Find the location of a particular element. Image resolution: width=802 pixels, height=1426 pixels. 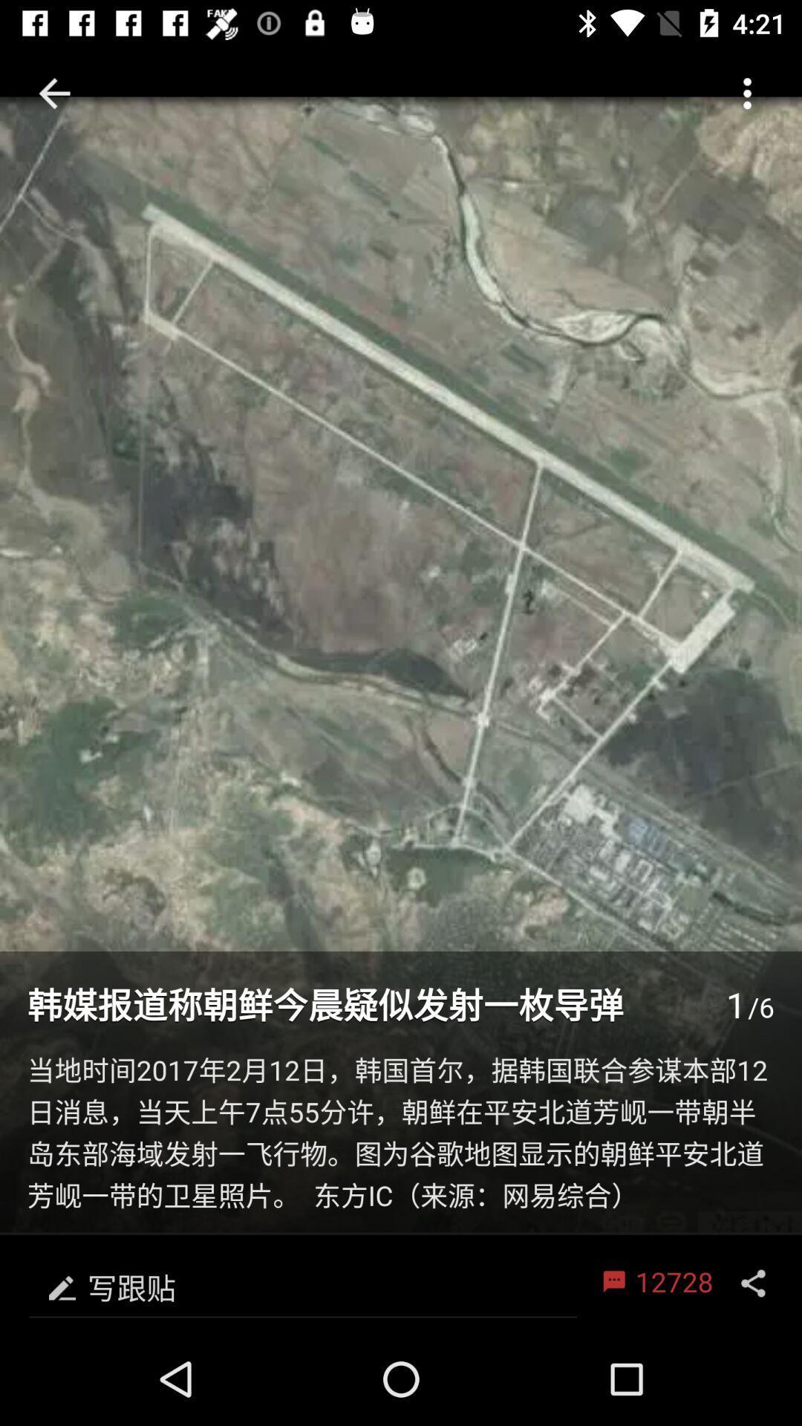

item next to 12728 item is located at coordinates (753, 1283).